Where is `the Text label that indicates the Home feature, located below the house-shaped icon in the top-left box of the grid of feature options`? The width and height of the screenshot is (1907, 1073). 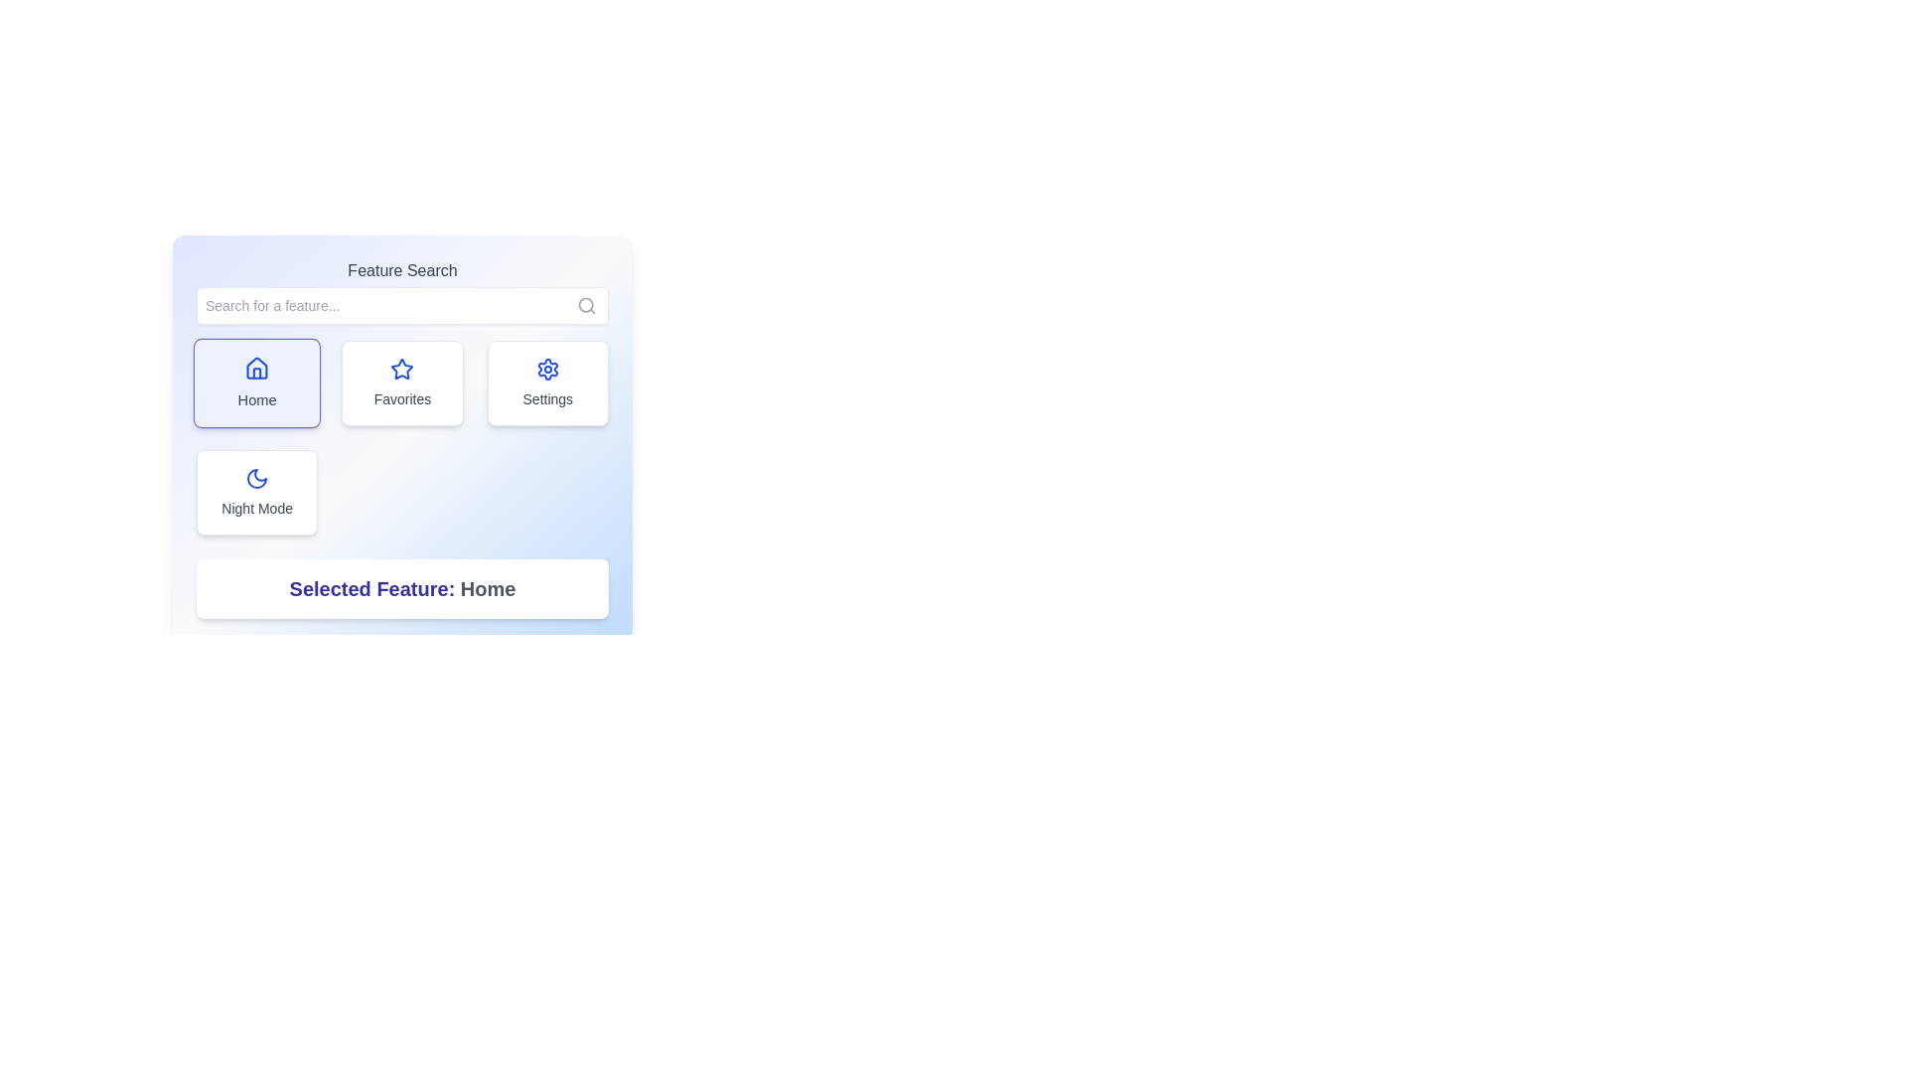 the Text label that indicates the Home feature, located below the house-shaped icon in the top-left box of the grid of feature options is located at coordinates (256, 399).